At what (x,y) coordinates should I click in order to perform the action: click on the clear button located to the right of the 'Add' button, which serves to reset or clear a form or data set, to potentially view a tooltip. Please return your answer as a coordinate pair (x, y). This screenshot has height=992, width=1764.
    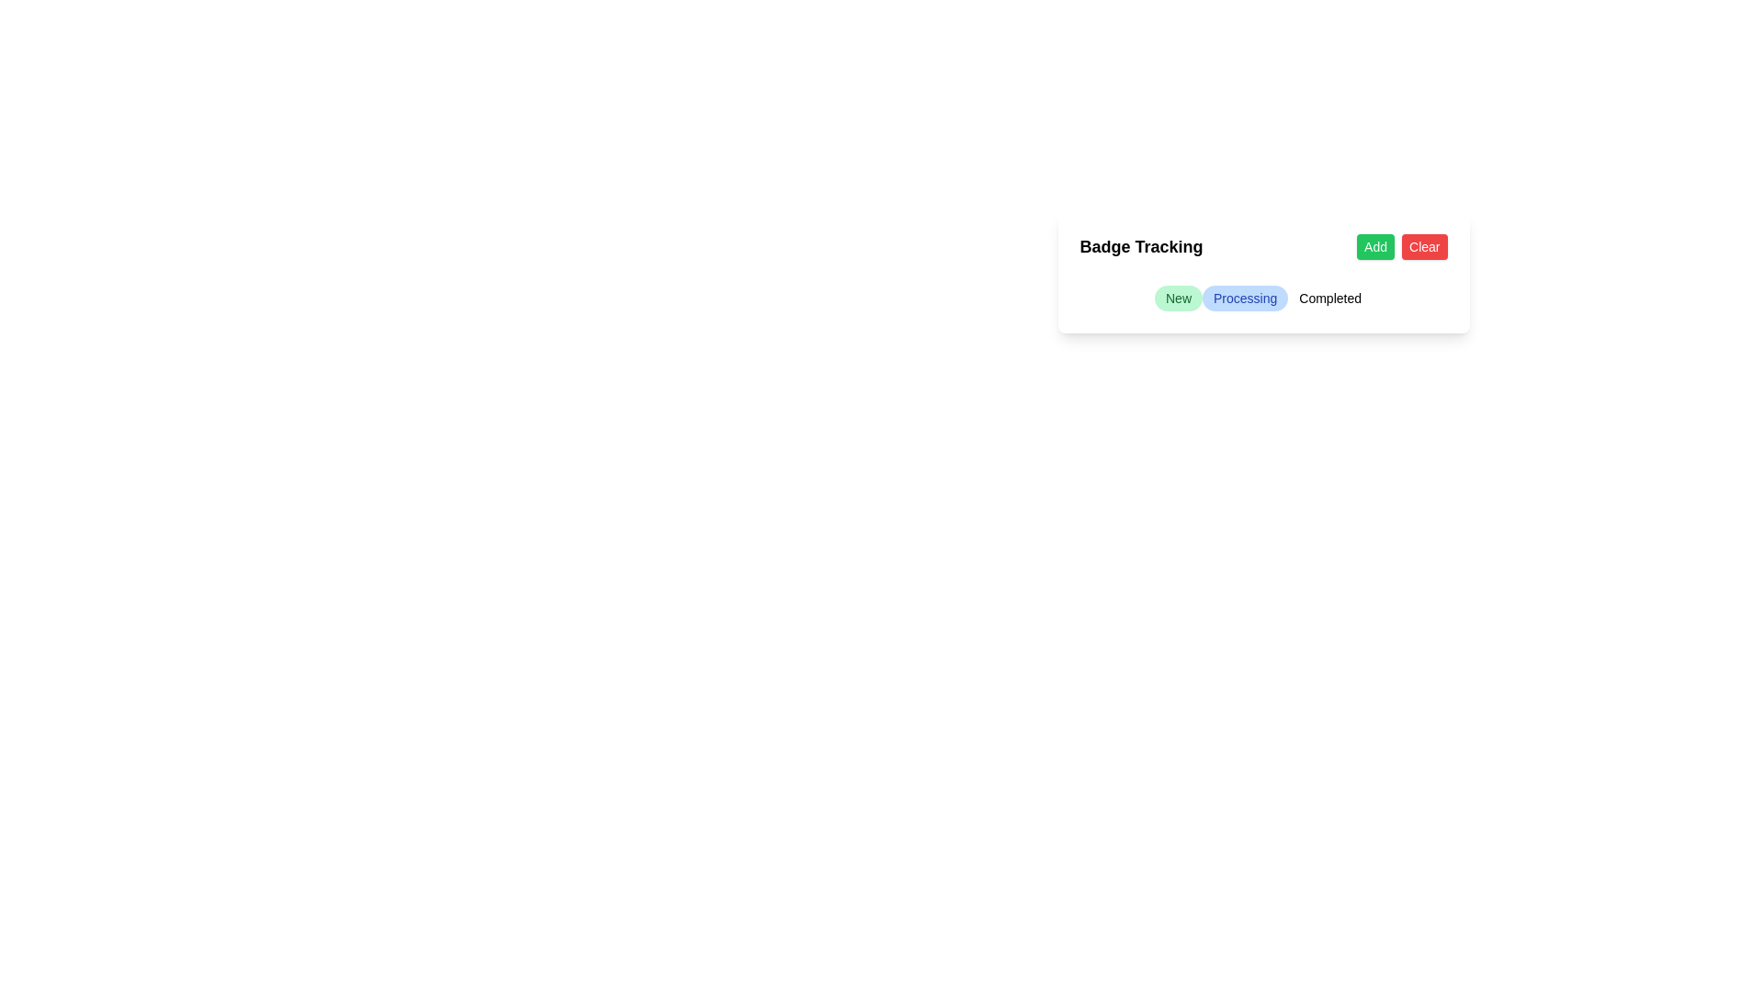
    Looking at the image, I should click on (1423, 246).